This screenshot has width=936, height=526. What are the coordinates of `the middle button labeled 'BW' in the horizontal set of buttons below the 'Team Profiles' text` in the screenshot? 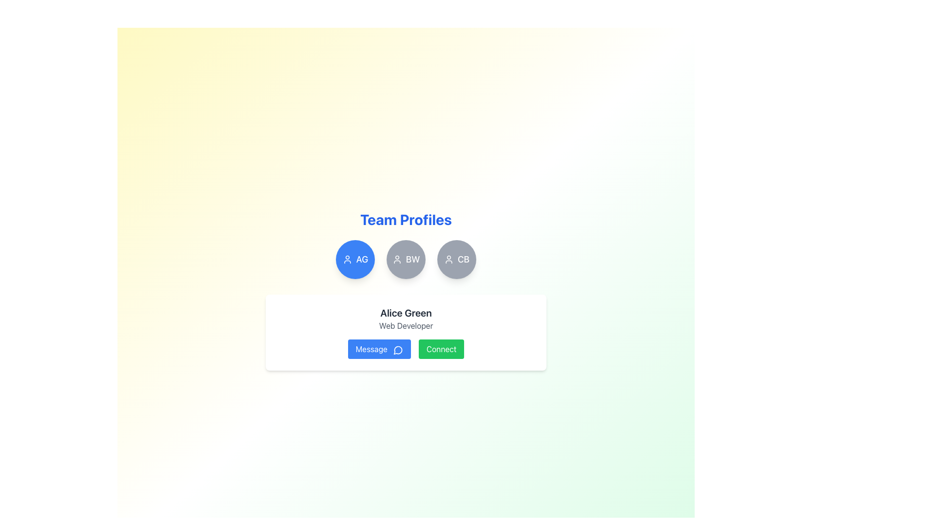 It's located at (406, 259).